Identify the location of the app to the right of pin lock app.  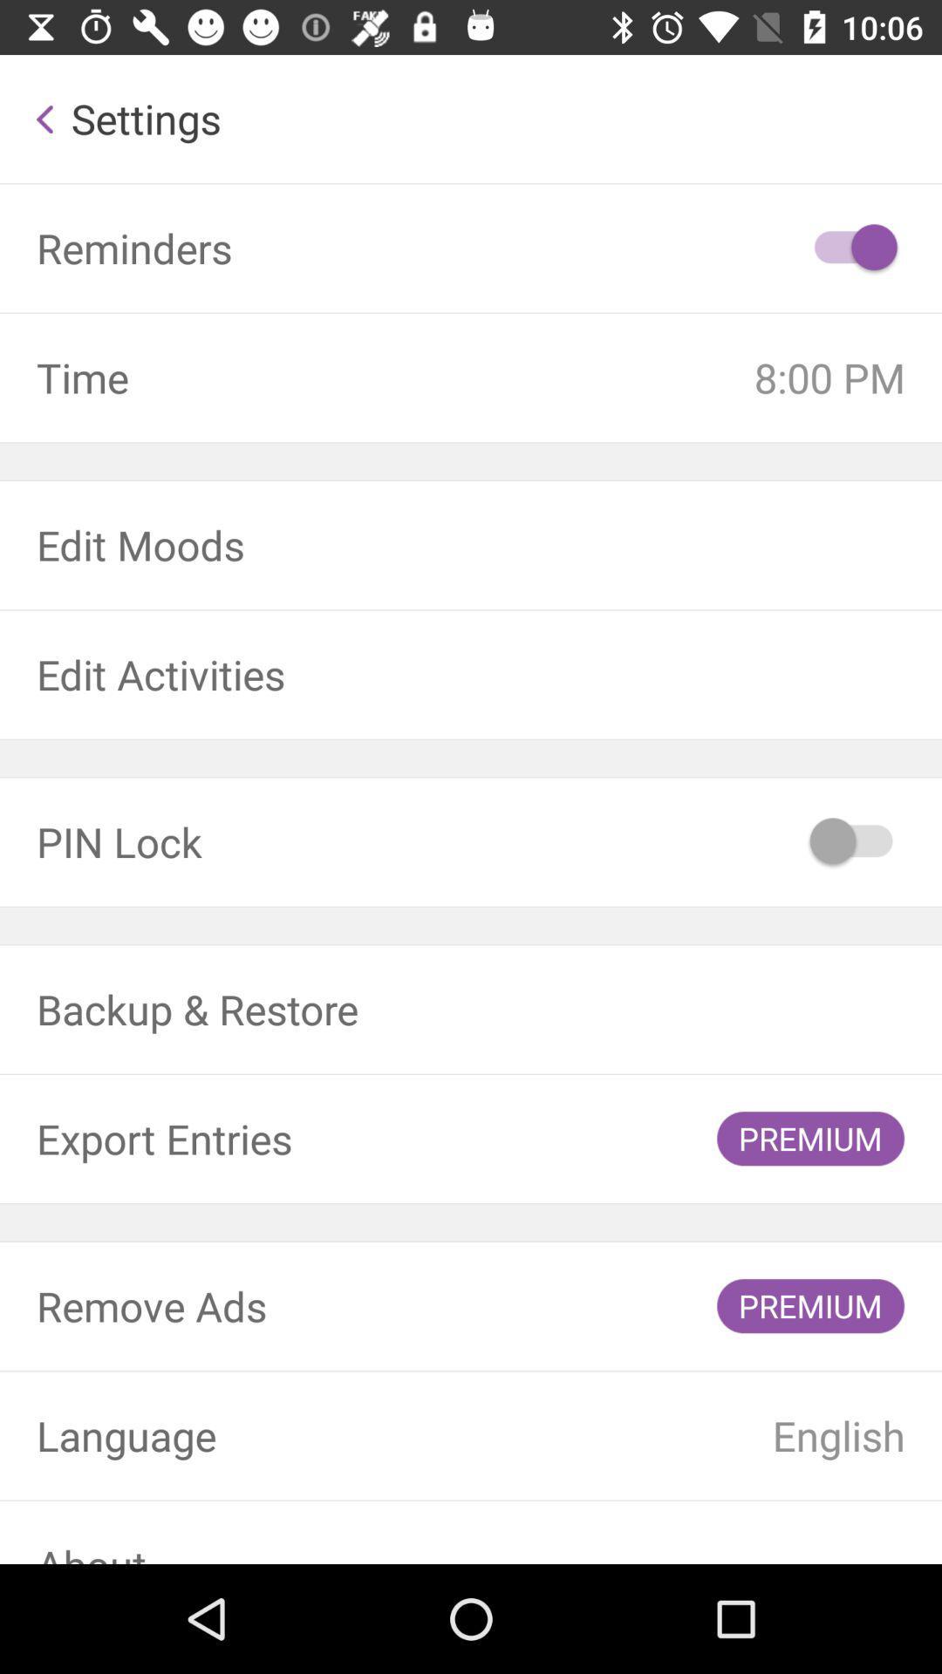
(852, 841).